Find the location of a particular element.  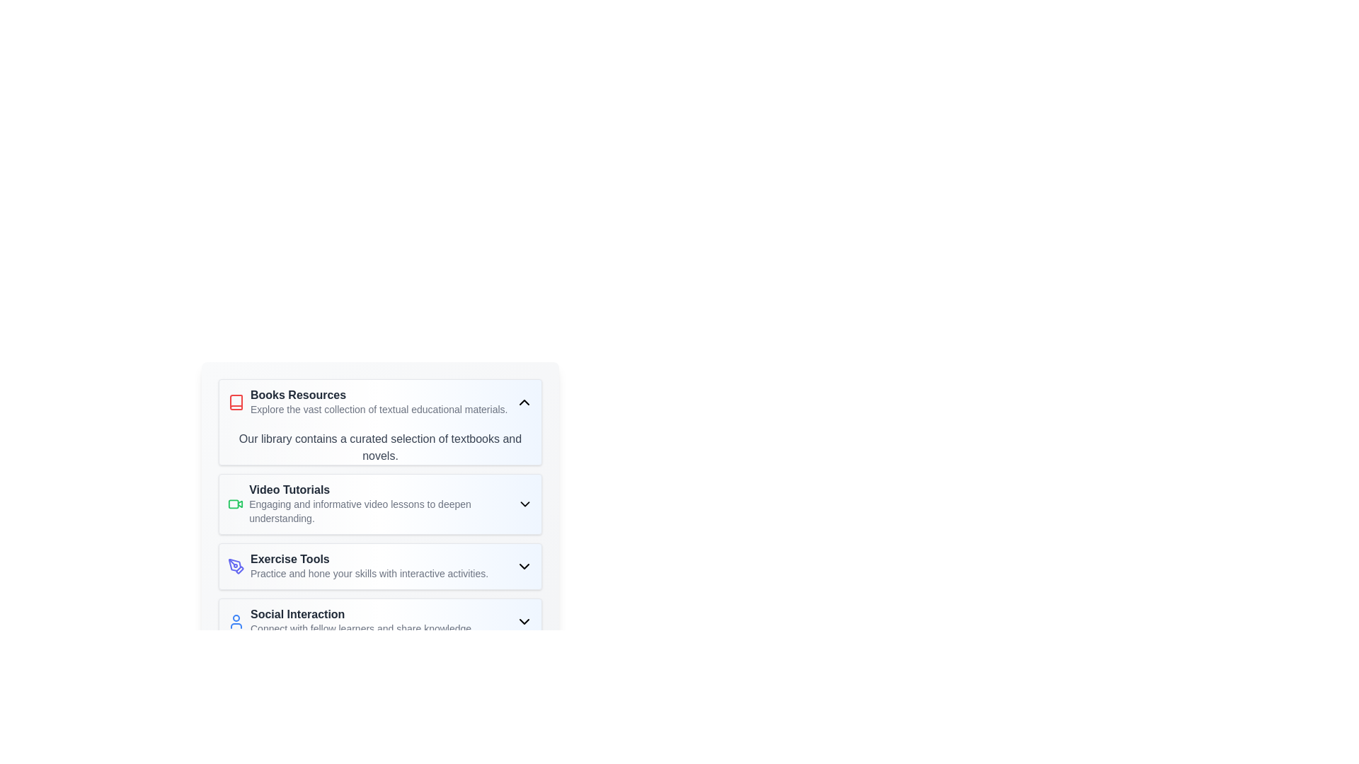

the 'Video Tutorials' Expandable Section Header by tabbing to it is located at coordinates (380, 487).